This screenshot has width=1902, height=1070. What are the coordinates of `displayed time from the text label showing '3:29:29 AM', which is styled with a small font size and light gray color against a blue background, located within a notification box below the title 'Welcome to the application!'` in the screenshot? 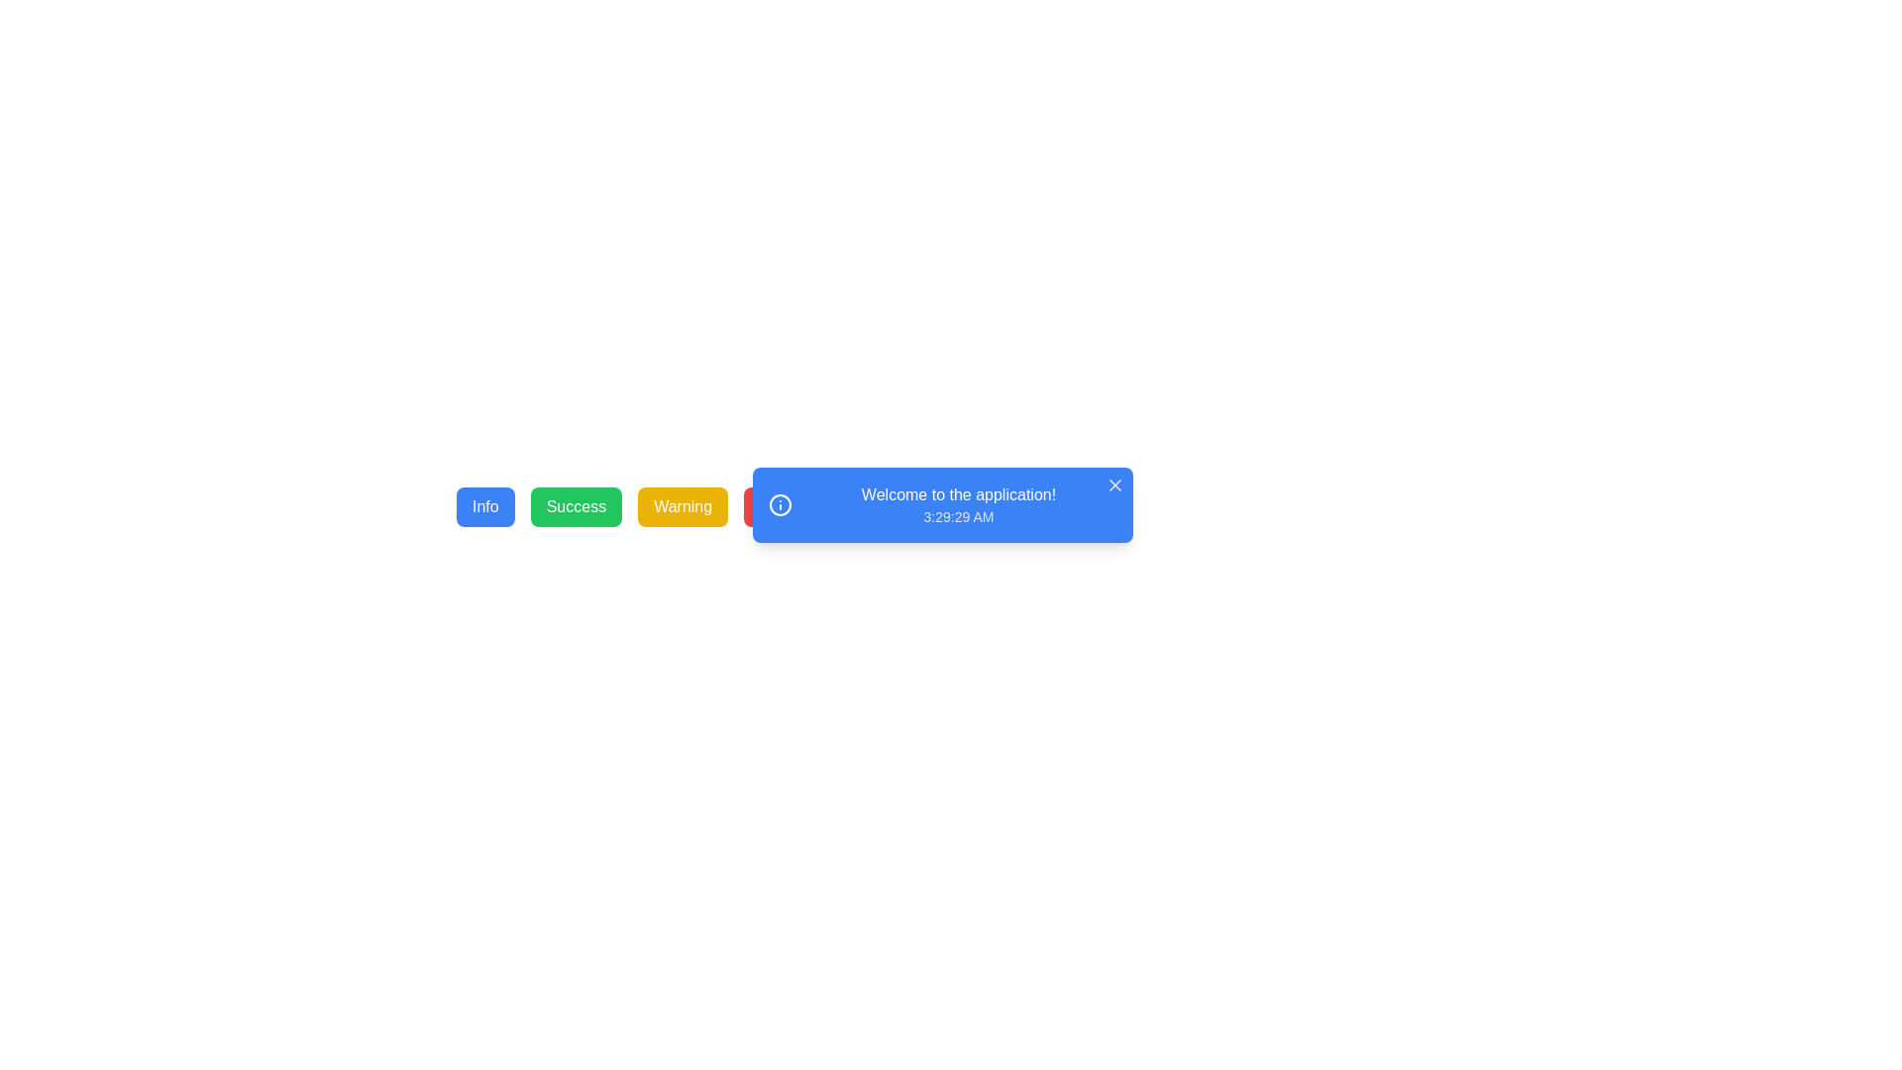 It's located at (959, 515).